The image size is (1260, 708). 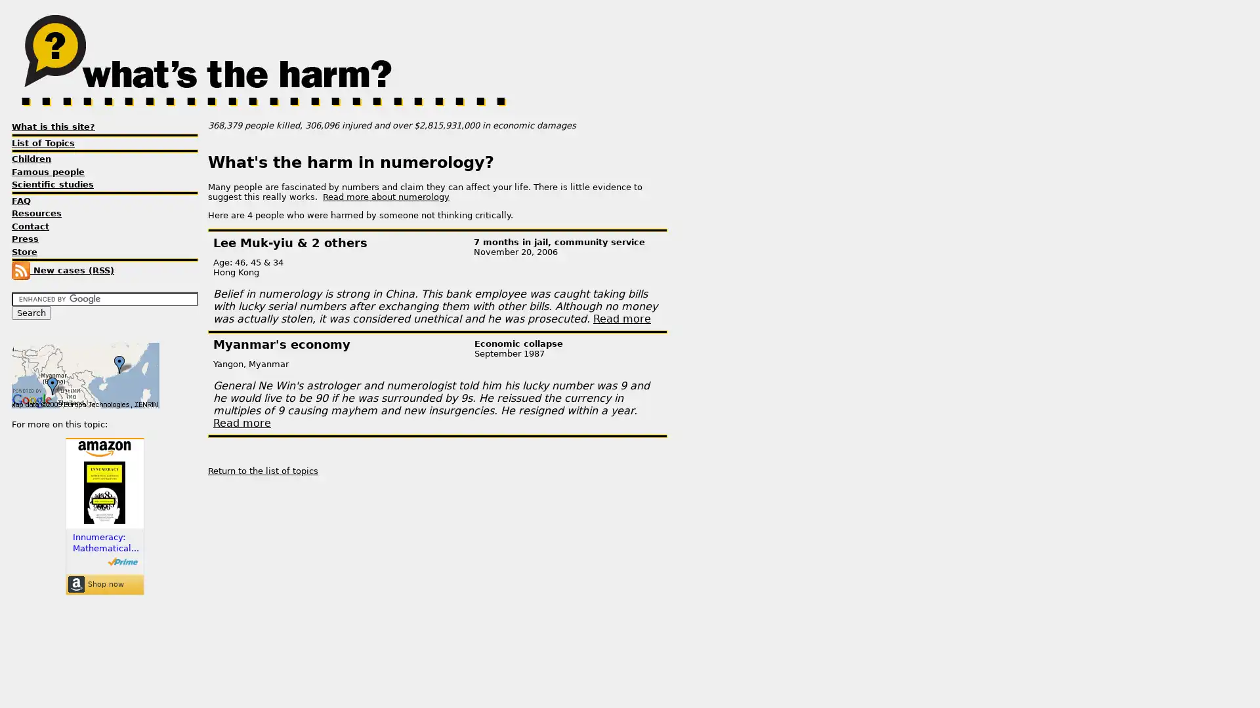 I want to click on Search, so click(x=31, y=313).